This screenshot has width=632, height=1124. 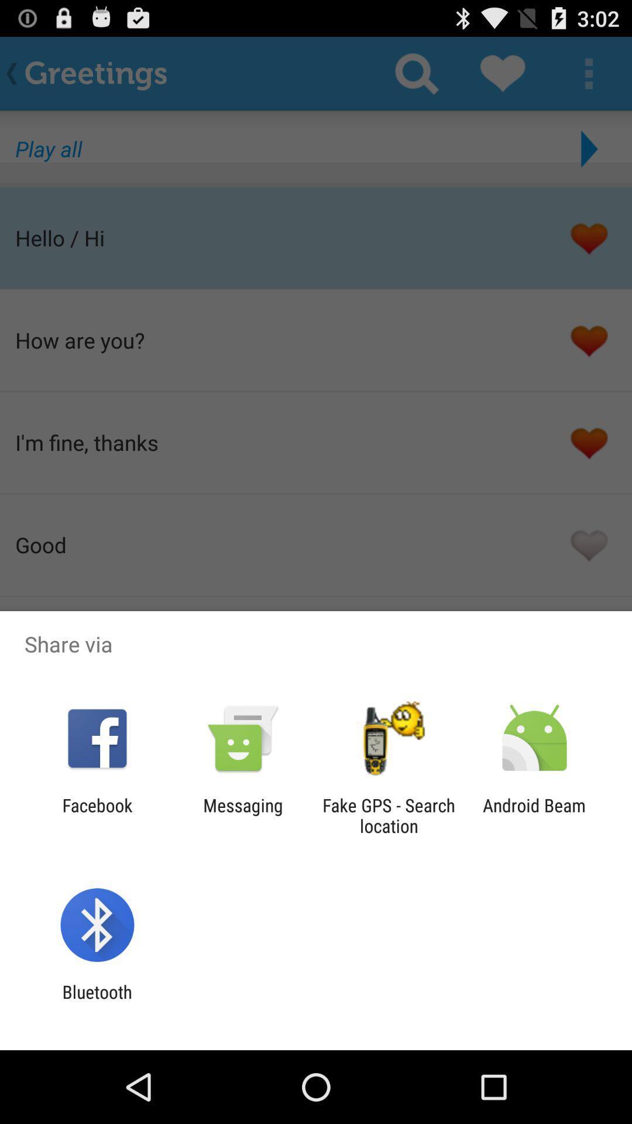 I want to click on item next to the messaging, so click(x=389, y=815).